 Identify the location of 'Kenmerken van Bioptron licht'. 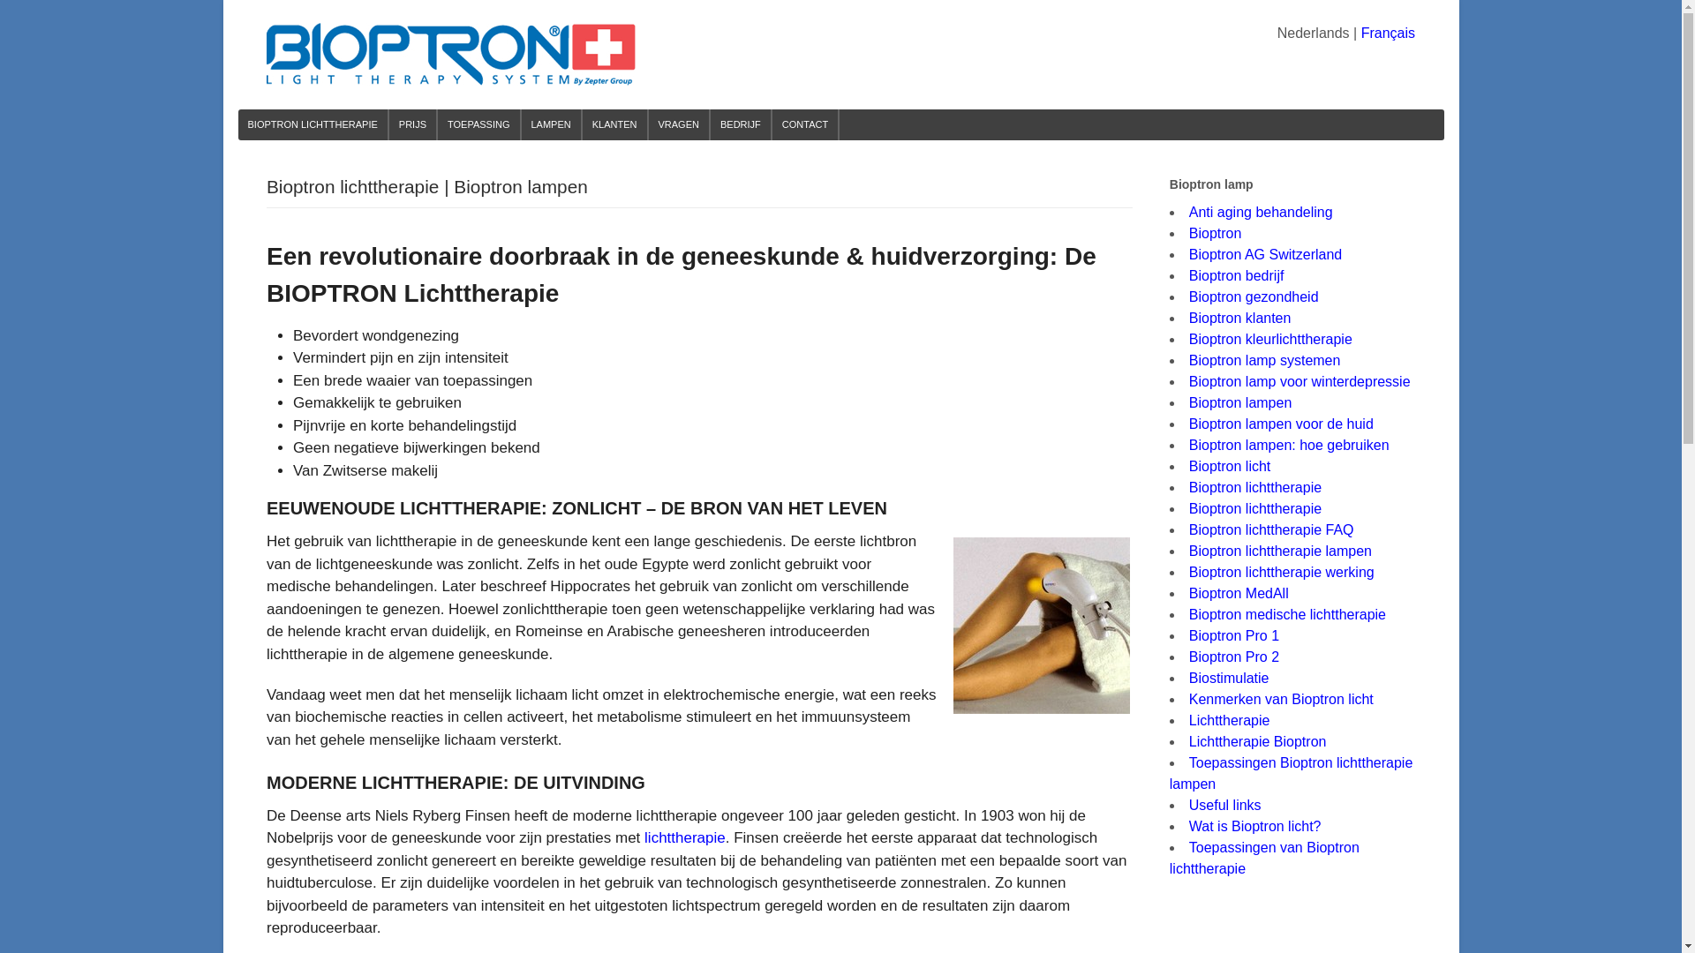
(1281, 698).